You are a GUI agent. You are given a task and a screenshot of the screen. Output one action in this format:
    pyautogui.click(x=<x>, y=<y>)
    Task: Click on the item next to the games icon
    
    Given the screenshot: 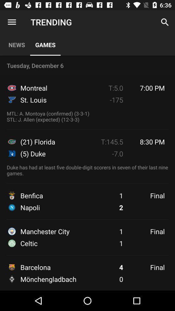 What is the action you would take?
    pyautogui.click(x=12, y=22)
    